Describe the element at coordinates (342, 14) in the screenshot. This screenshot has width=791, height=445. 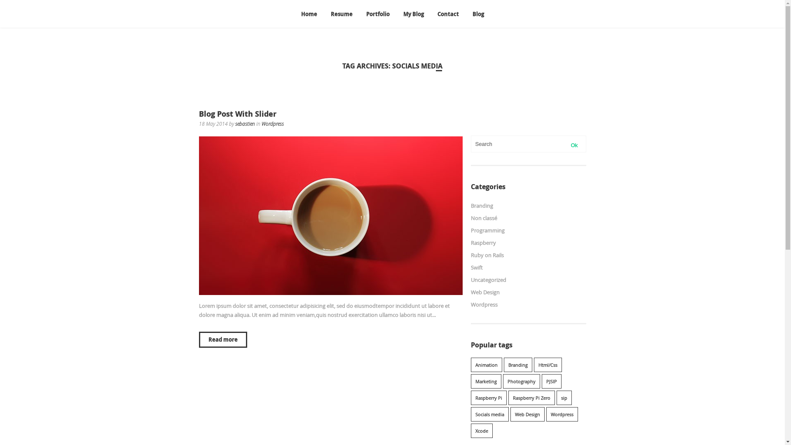
I see `'Resume'` at that location.